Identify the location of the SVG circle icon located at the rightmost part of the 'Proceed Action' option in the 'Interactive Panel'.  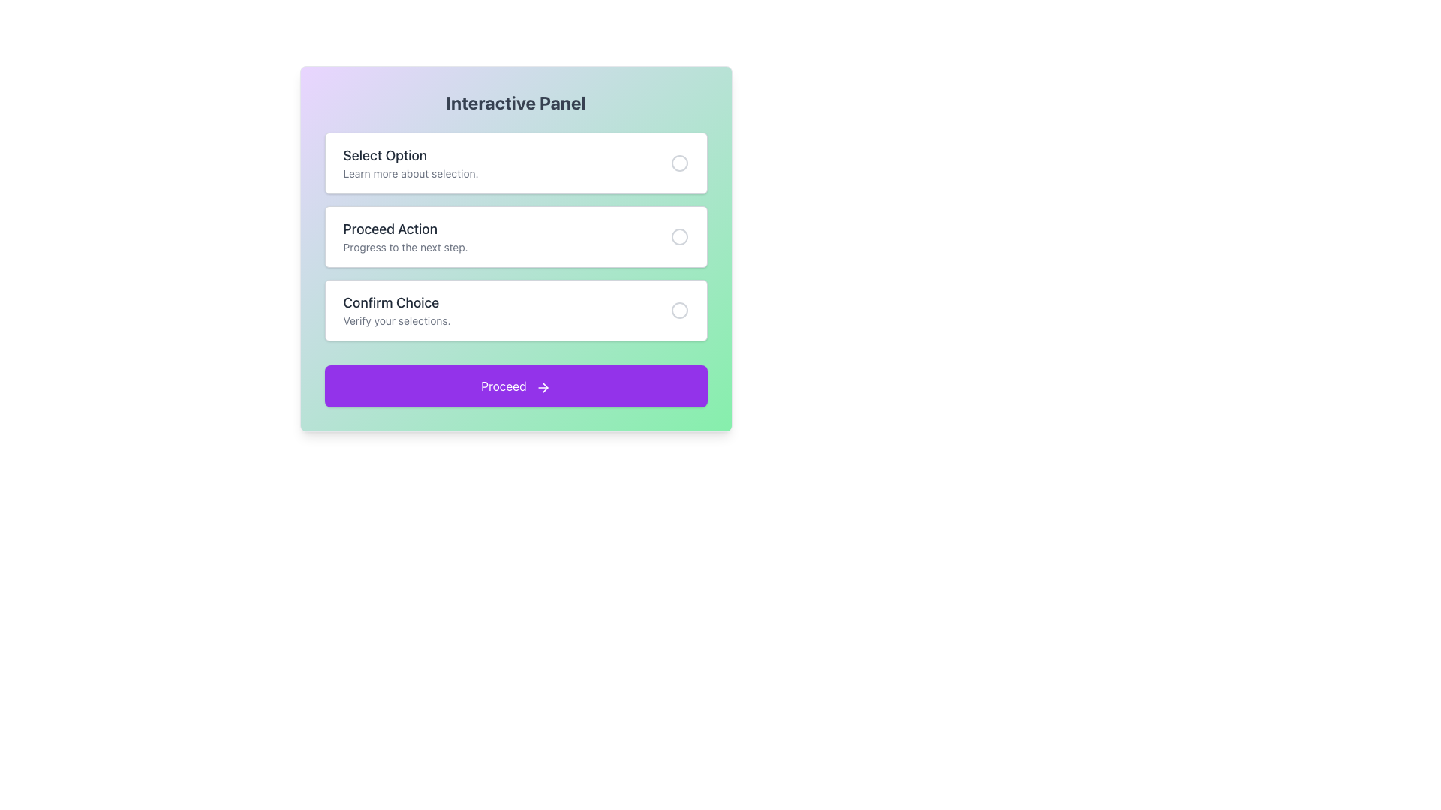
(678, 236).